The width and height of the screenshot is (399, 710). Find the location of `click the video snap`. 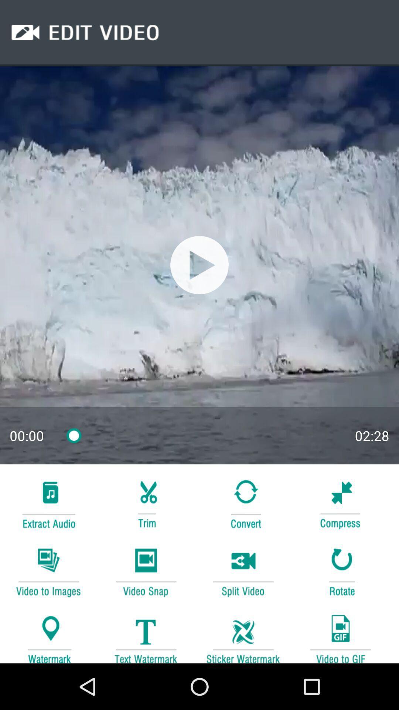

click the video snap is located at coordinates (146, 571).